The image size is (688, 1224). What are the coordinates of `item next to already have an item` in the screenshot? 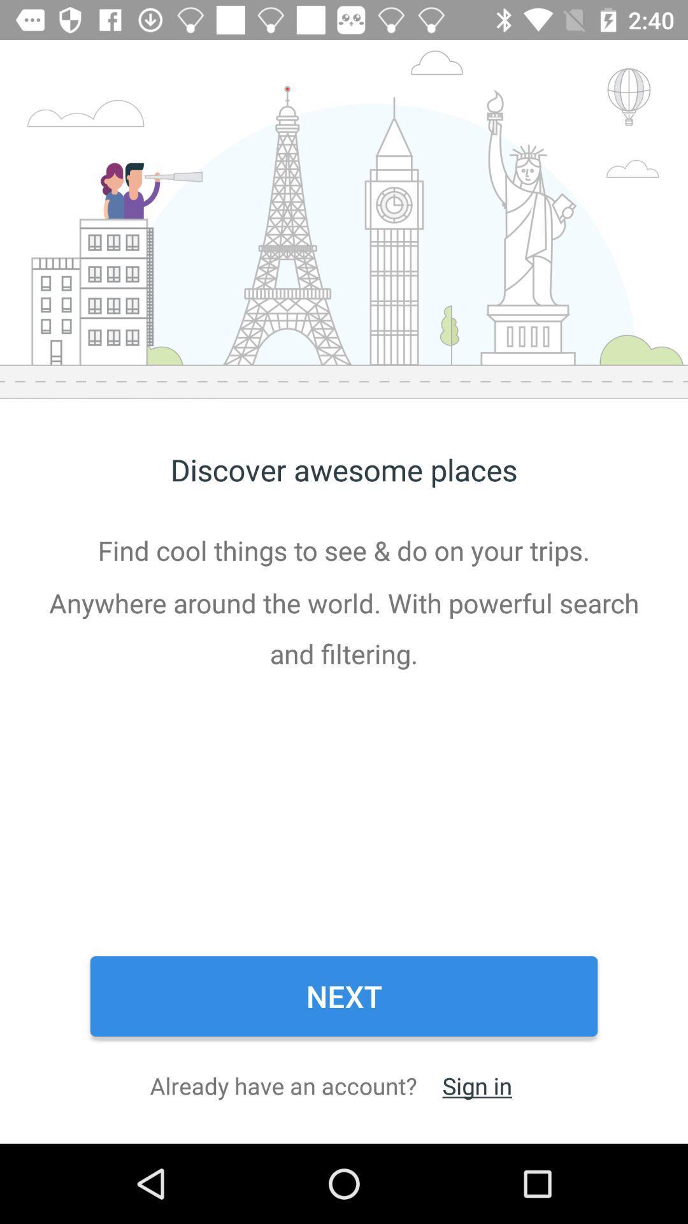 It's located at (477, 1085).